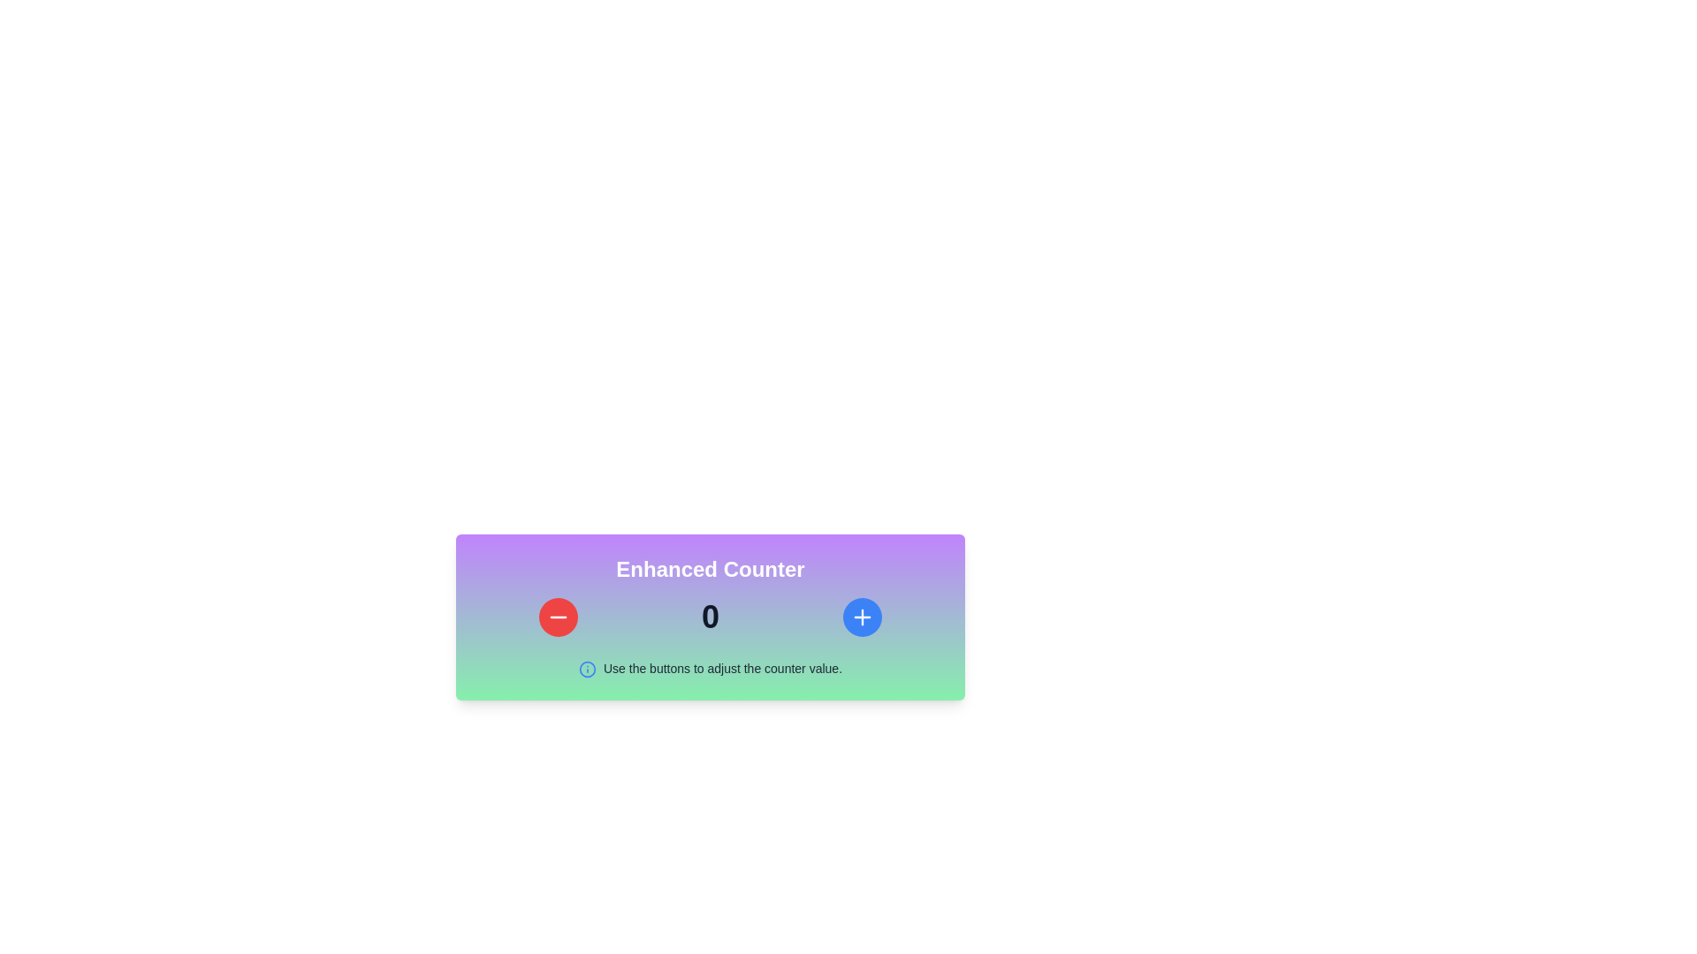 This screenshot has width=1697, height=954. What do you see at coordinates (862, 616) in the screenshot?
I see `the blue circular button with a white '+' icon` at bounding box center [862, 616].